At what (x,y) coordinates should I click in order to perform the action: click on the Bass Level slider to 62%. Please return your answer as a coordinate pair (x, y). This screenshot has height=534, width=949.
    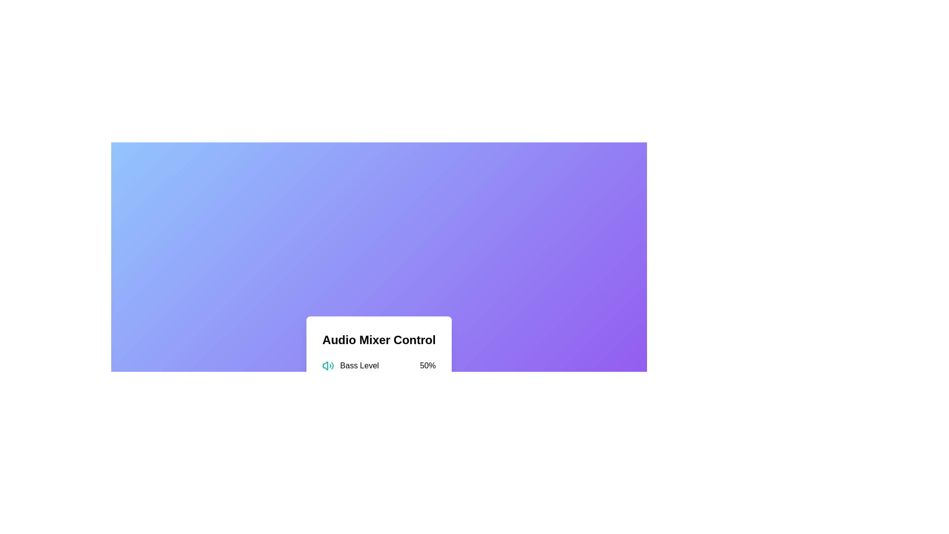
    Looking at the image, I should click on (391, 378).